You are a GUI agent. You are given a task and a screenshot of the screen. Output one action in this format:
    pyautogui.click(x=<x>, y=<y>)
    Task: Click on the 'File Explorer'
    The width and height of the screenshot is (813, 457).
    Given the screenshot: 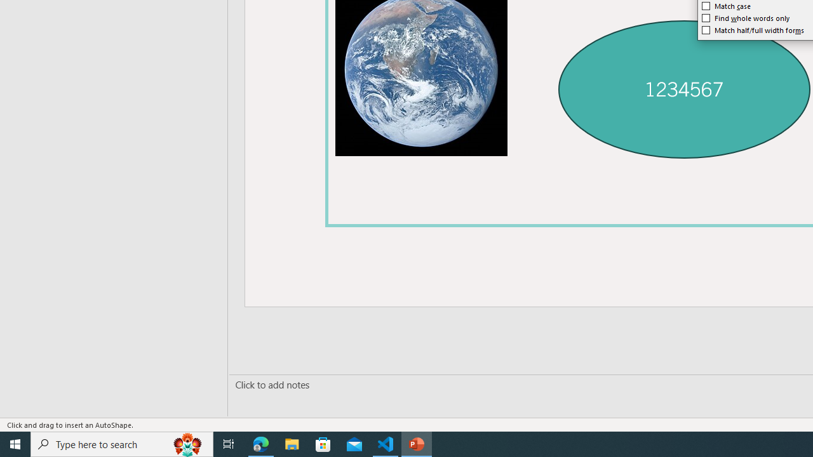 What is the action you would take?
    pyautogui.click(x=292, y=443)
    